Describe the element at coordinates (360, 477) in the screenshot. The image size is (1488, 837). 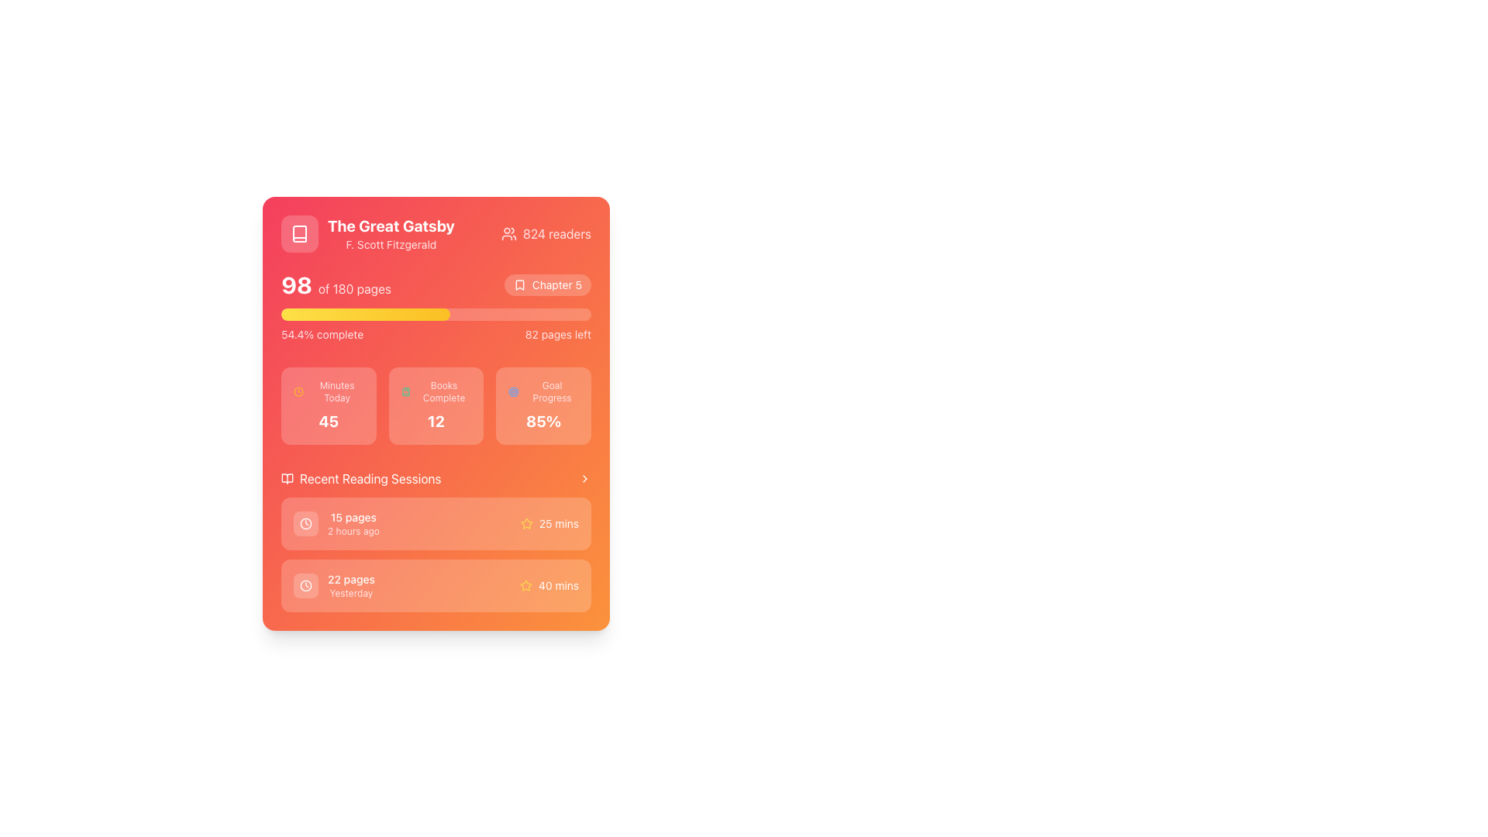
I see `the label with icon that indicates the section for recent reading sessions, positioned at the lower section of the card-like structure` at that location.